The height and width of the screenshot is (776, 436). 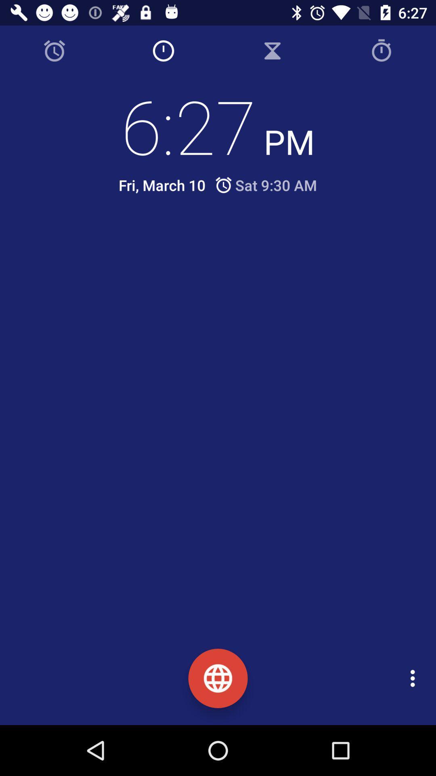 What do you see at coordinates (218, 678) in the screenshot?
I see `the globe icon` at bounding box center [218, 678].